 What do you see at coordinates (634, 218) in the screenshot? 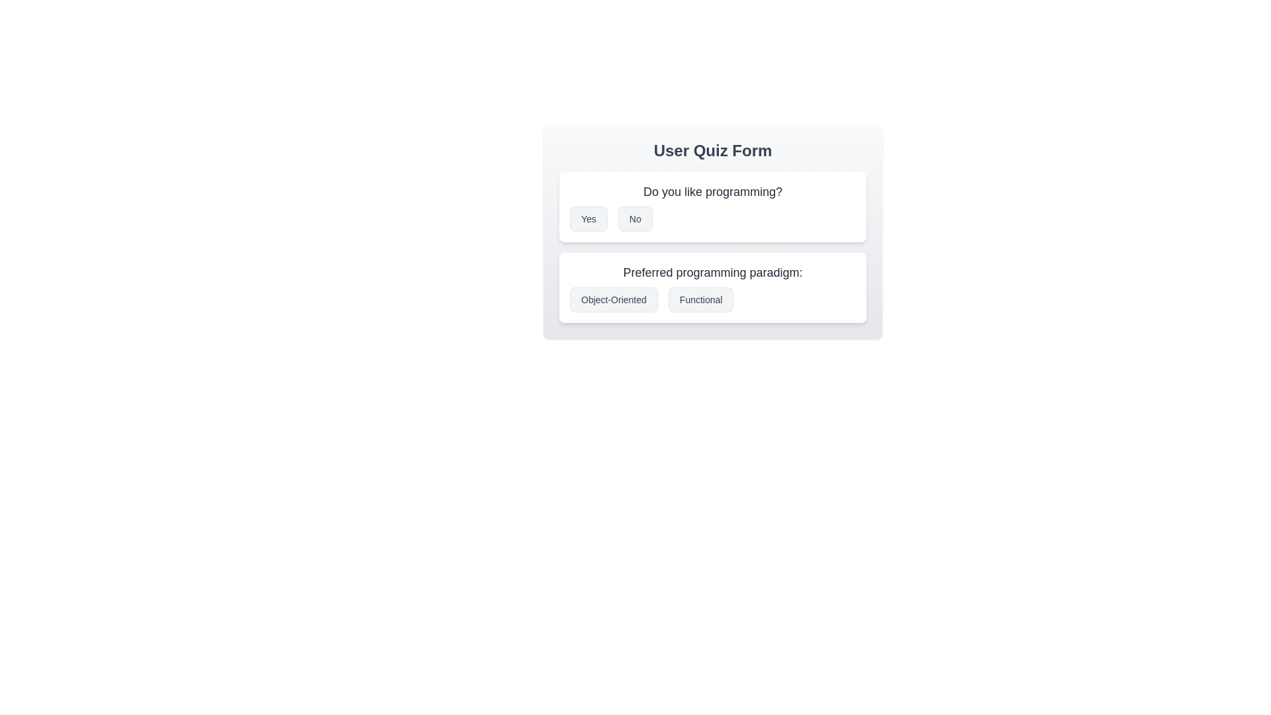
I see `the 'No' button located under the question 'Do you like programming?'` at bounding box center [634, 218].